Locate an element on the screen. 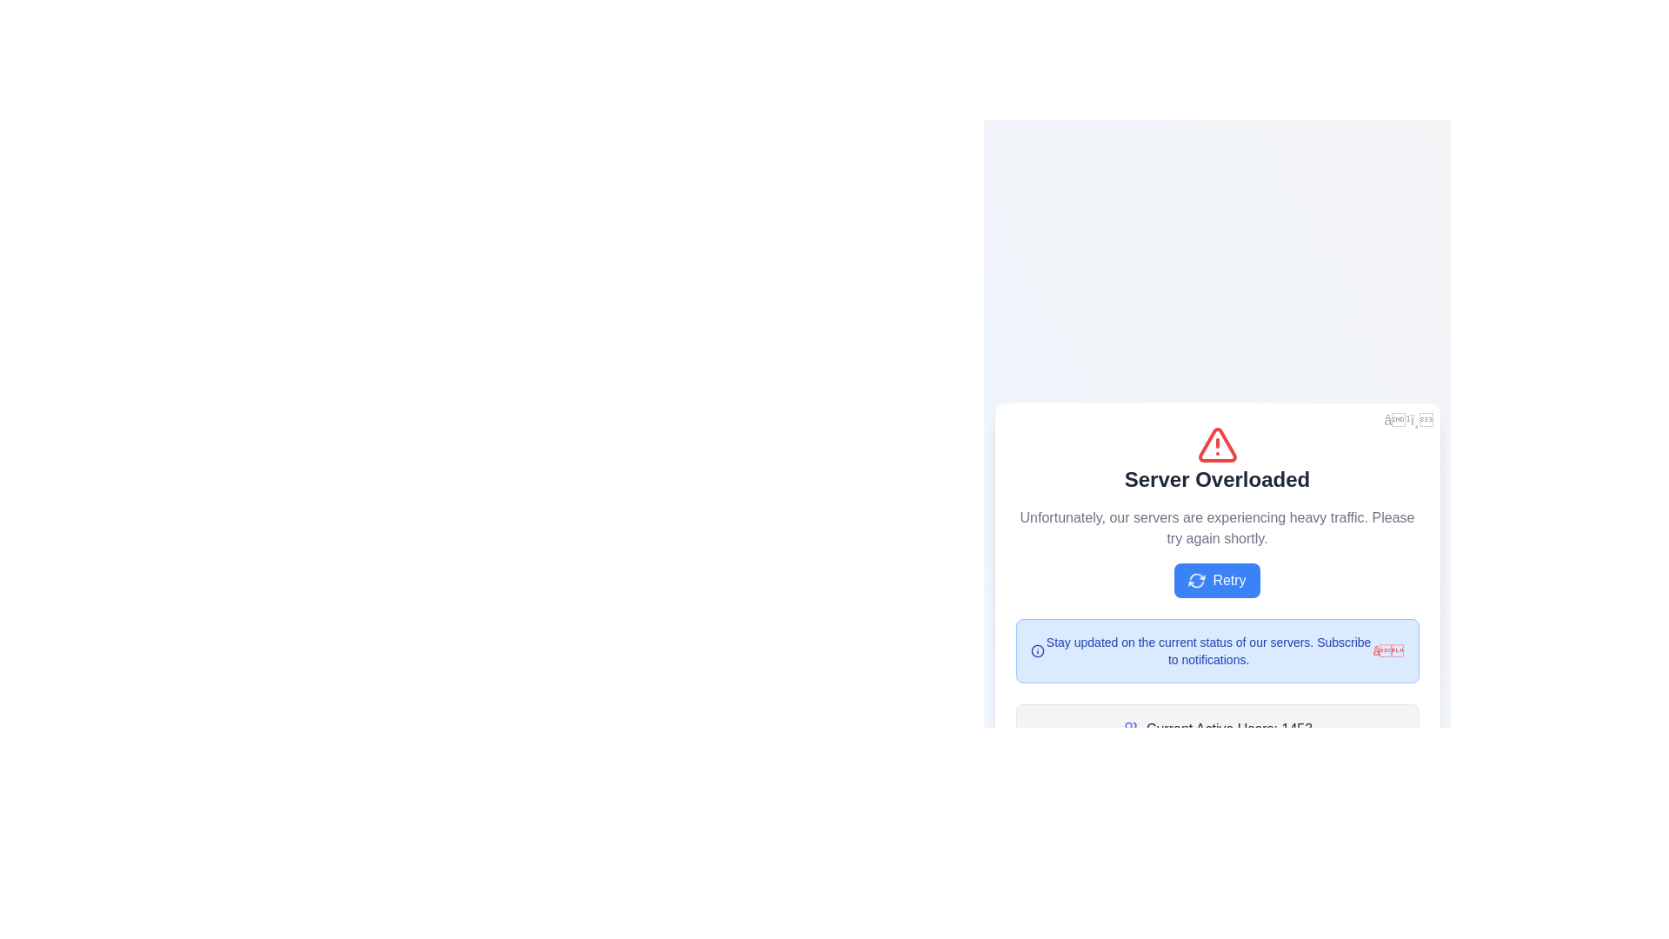 This screenshot has width=1669, height=939. displayed text 'Server Overloaded' which is prominently shown in bold, large-sized serif font in dark gray is located at coordinates (1216, 479).